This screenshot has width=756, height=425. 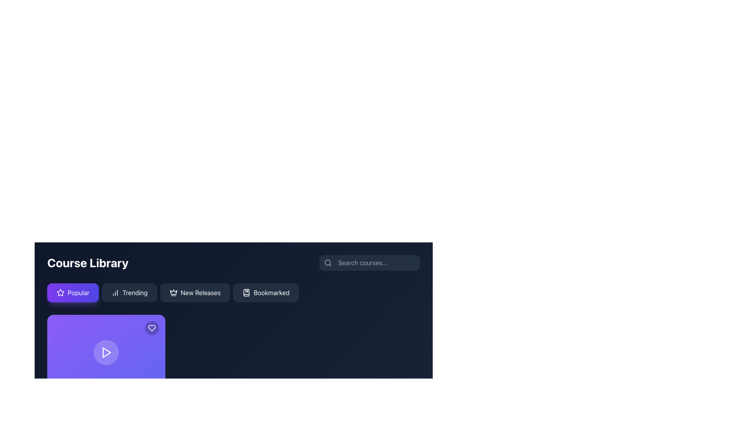 I want to click on the play button in the top-left section of the course card layout, so click(x=106, y=352).